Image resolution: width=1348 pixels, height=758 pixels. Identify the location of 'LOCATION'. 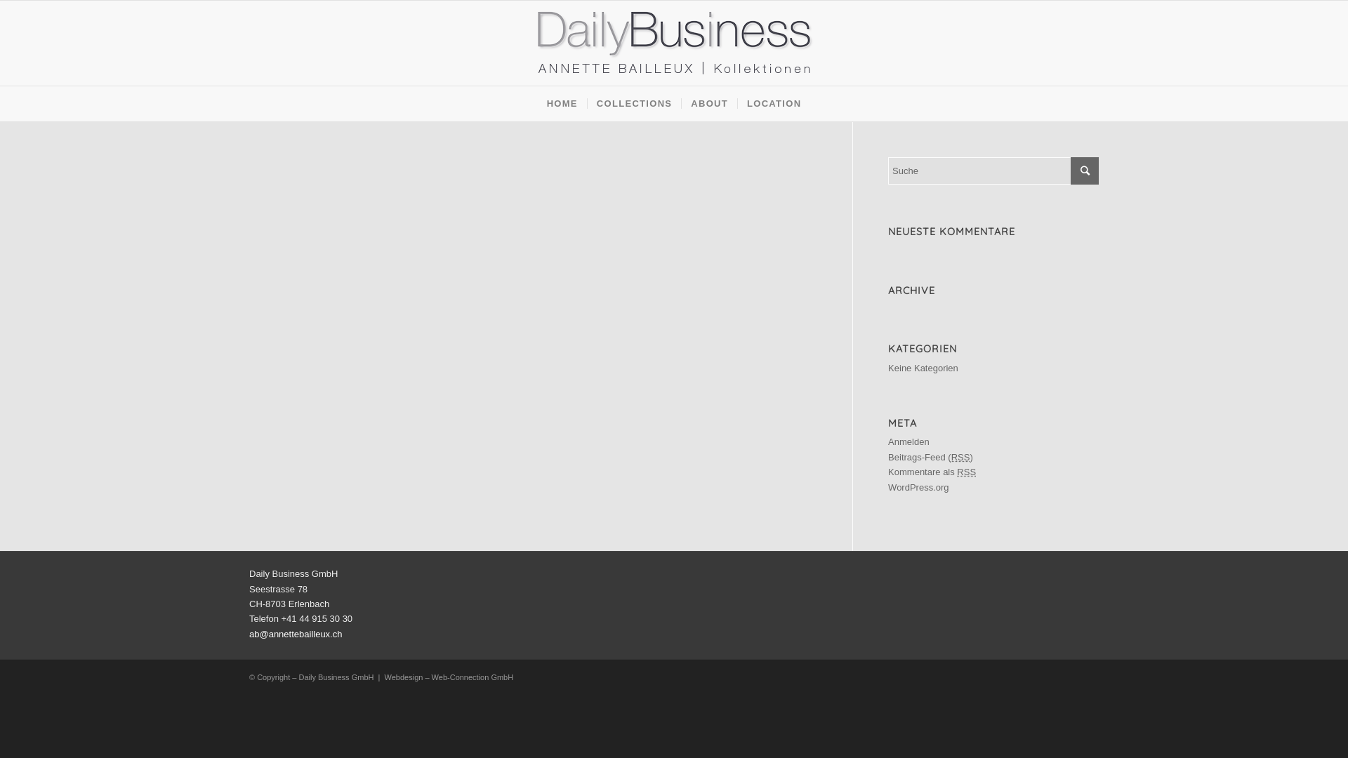
(773, 102).